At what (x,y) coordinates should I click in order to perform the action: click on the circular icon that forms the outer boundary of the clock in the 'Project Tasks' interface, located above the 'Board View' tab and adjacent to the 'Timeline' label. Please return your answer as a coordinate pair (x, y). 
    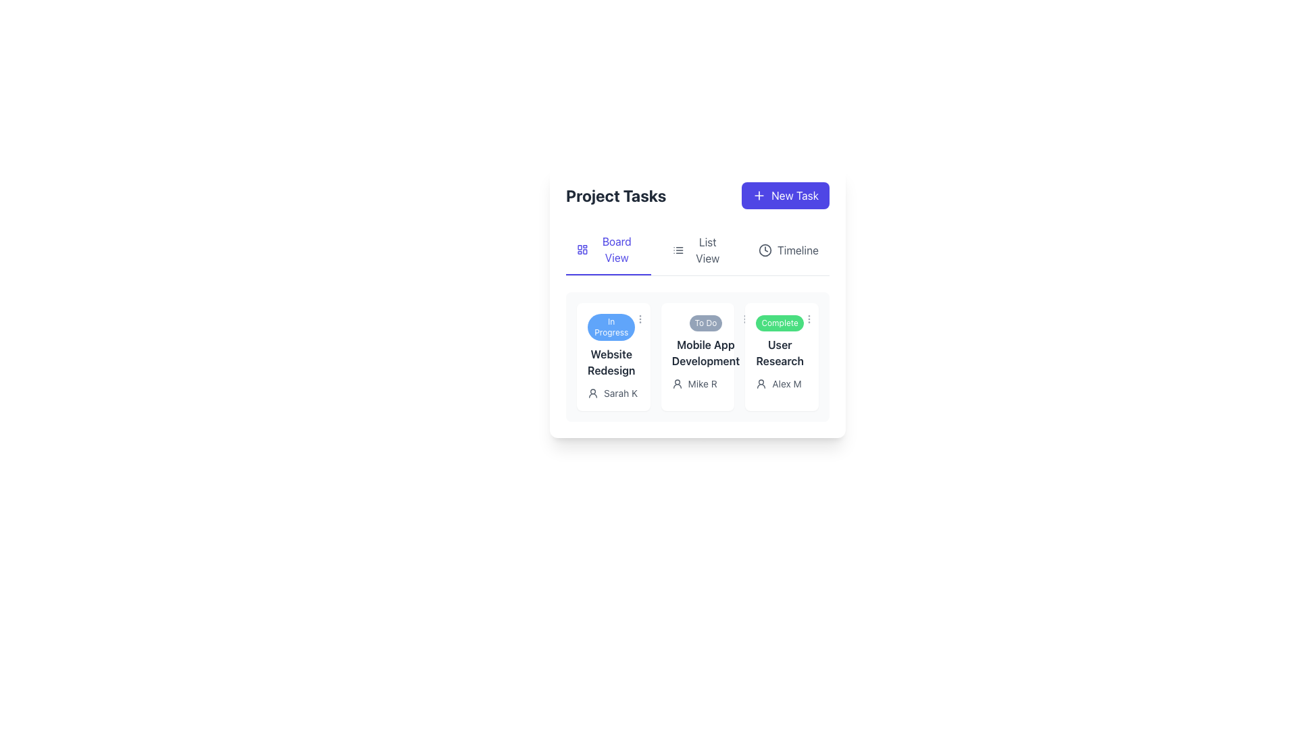
    Looking at the image, I should click on (765, 250).